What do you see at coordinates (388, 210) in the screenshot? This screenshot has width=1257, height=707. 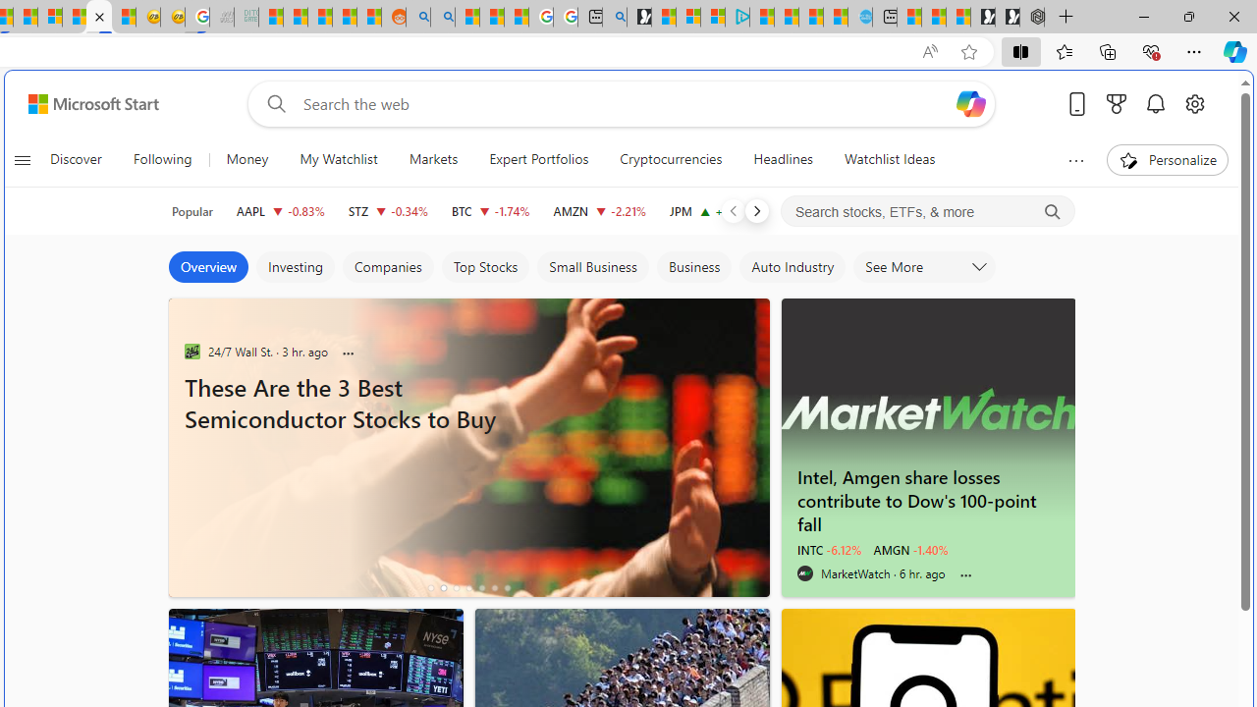 I see `'STZ CONSTELLATION BRANDS, INC. decrease 243.92 -0.82 -0.34%'` at bounding box center [388, 210].